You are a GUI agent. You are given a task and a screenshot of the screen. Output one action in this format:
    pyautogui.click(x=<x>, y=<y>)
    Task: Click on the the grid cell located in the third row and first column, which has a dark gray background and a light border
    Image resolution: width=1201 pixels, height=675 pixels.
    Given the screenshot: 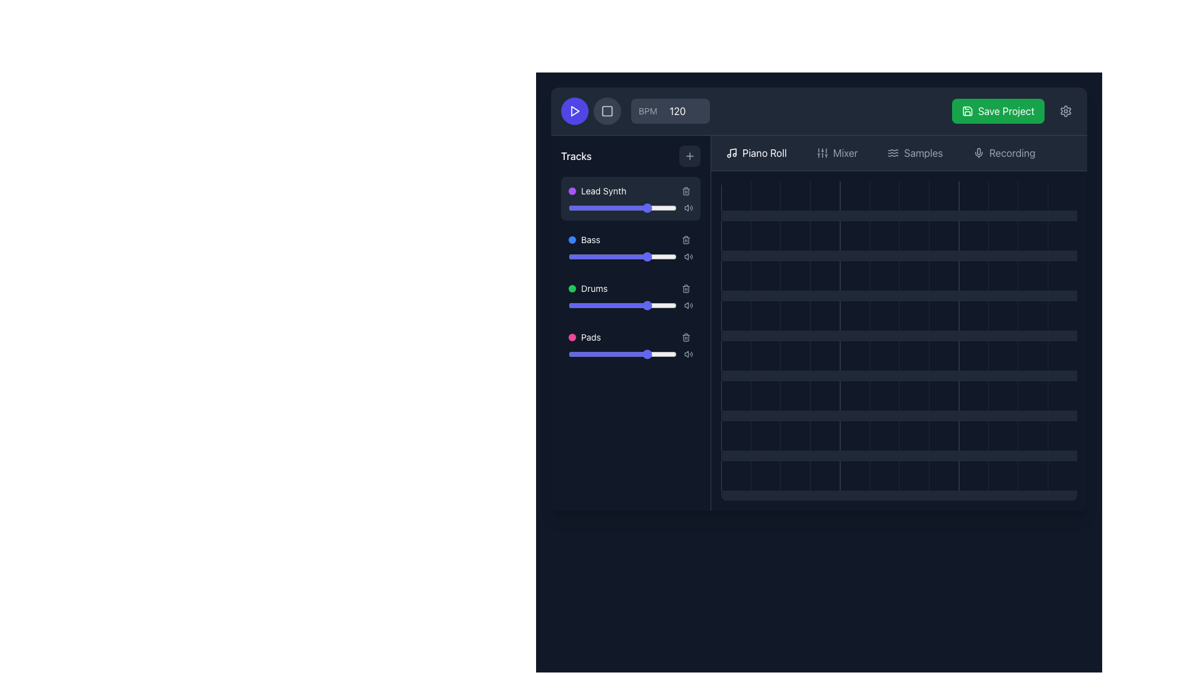 What is the action you would take?
    pyautogui.click(x=736, y=275)
    